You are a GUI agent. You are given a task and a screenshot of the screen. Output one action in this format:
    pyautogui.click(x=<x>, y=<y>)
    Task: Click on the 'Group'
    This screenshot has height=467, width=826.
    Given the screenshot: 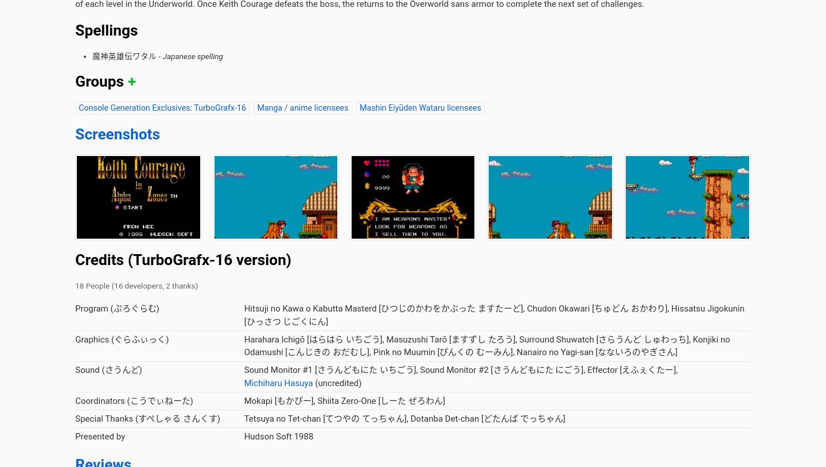 What is the action you would take?
    pyautogui.click(x=401, y=83)
    